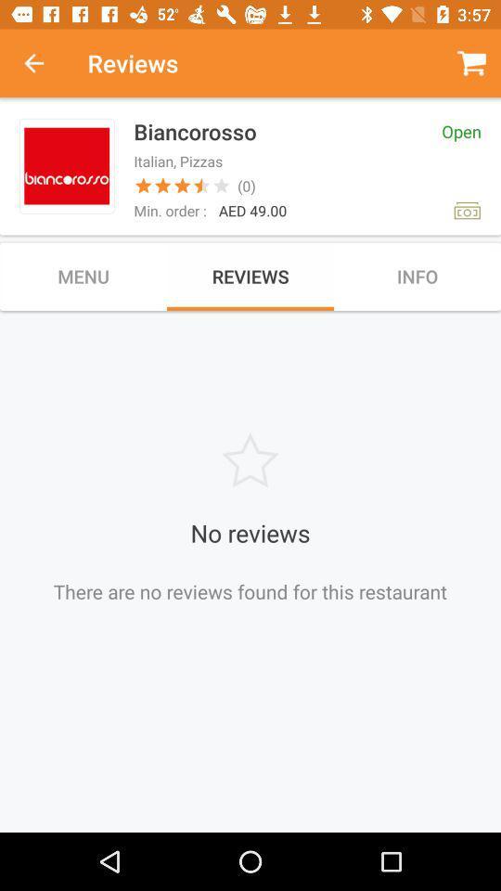 Image resolution: width=501 pixels, height=891 pixels. Describe the element at coordinates (44, 63) in the screenshot. I see `the item to the left of reviews icon` at that location.